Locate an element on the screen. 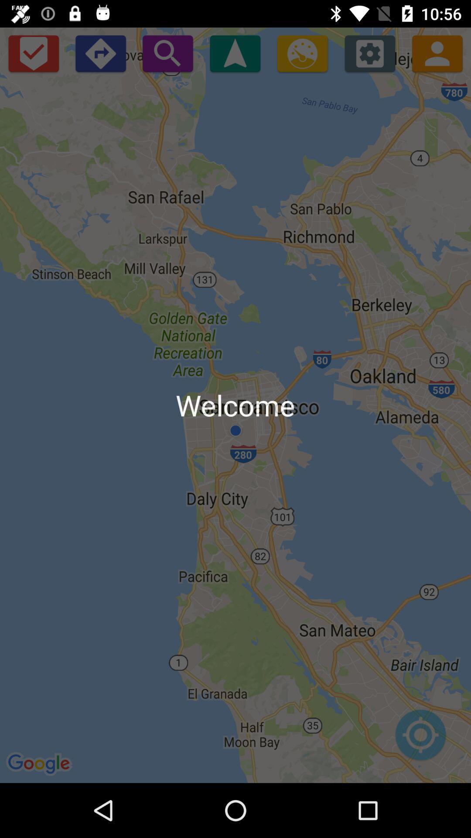 This screenshot has height=838, width=471. icon at the bottom right corner is located at coordinates (420, 739).